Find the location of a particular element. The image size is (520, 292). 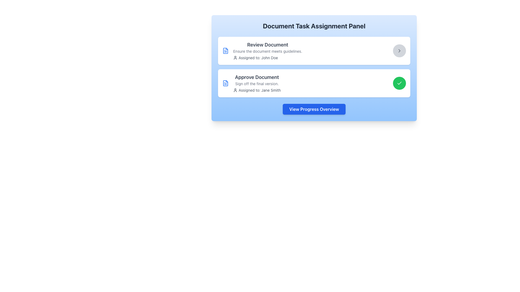

the text label reading 'Sign off the final version.' located below the title 'Approve Document' and above 'Assigned to: Jane Smith' in the document task panel is located at coordinates (256, 84).